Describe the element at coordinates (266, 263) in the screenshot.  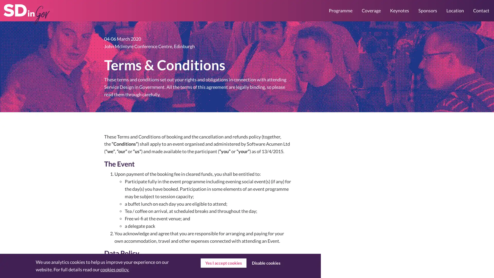
I see `Disable cookies` at that location.